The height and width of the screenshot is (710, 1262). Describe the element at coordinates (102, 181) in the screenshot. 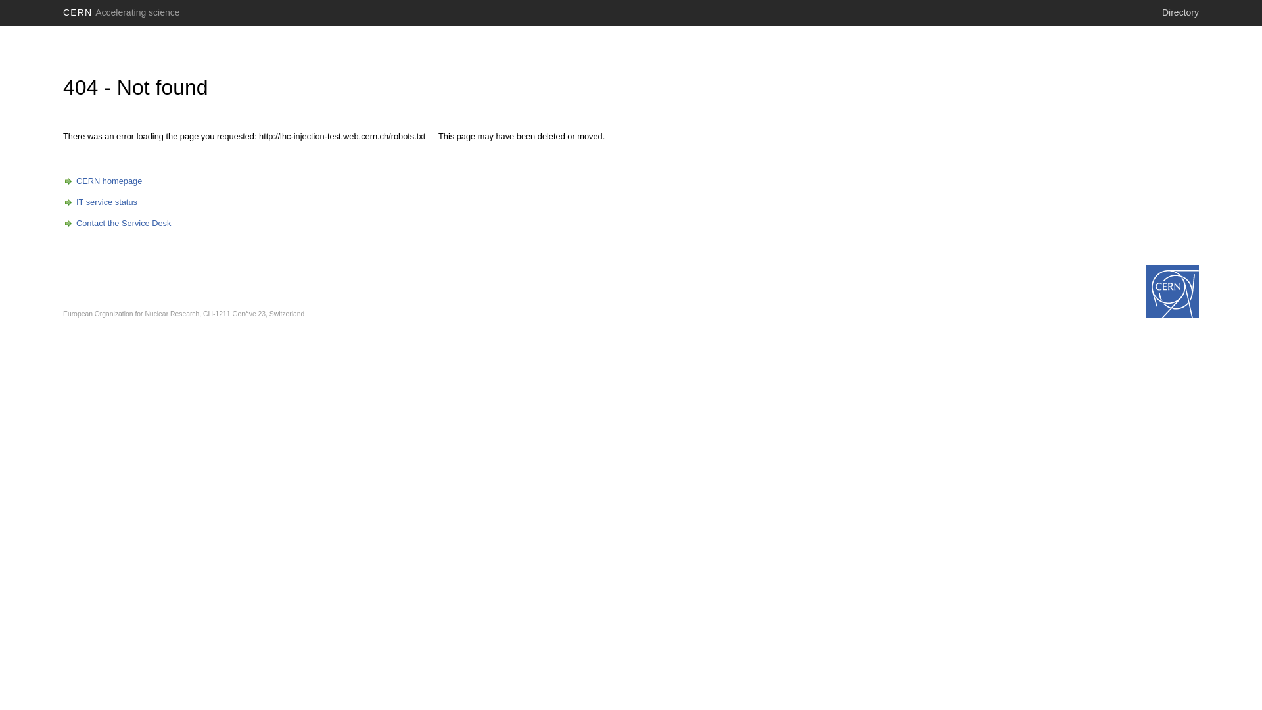

I see `'CERN homepage'` at that location.